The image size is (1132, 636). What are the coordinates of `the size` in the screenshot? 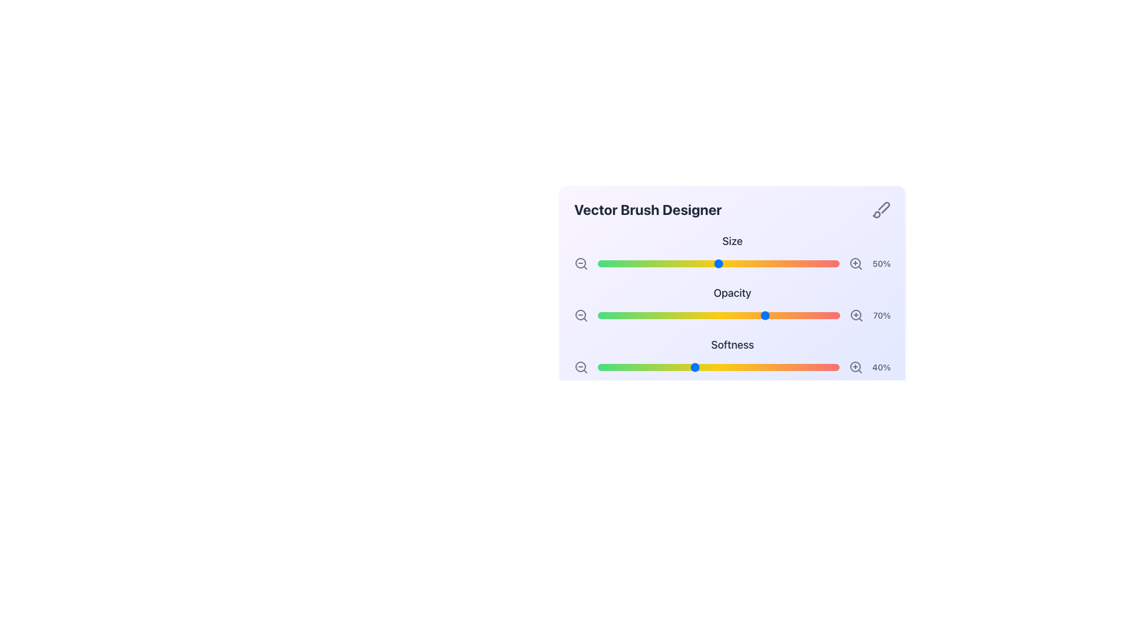 It's located at (809, 263).